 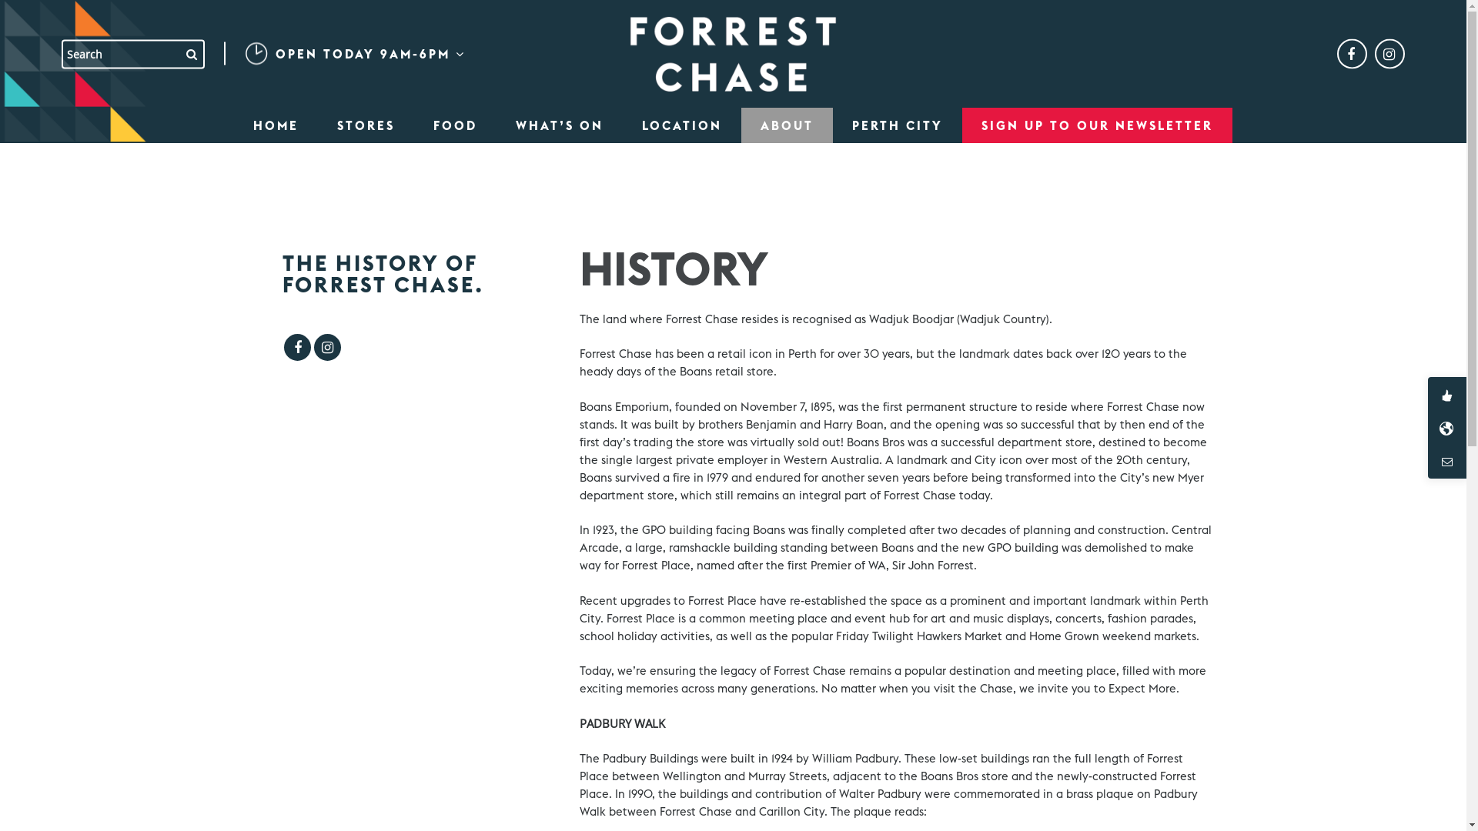 What do you see at coordinates (1096, 124) in the screenshot?
I see `'SIGN UP TO OUR NEWSLETTER'` at bounding box center [1096, 124].